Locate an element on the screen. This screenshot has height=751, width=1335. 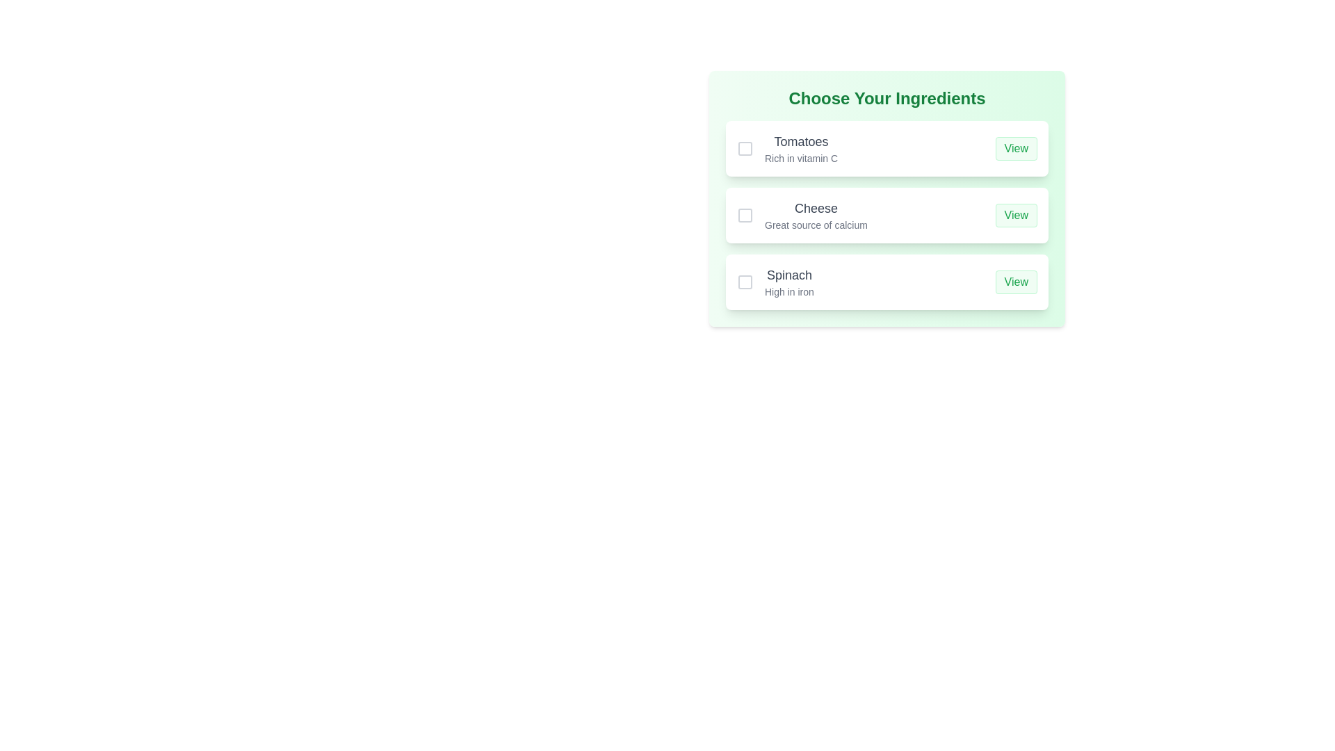
the text label displaying 'Cheese' which is aligned to the right of a checkbox and is in the middle option of the 'Choose Your Ingredients' list is located at coordinates (802, 215).